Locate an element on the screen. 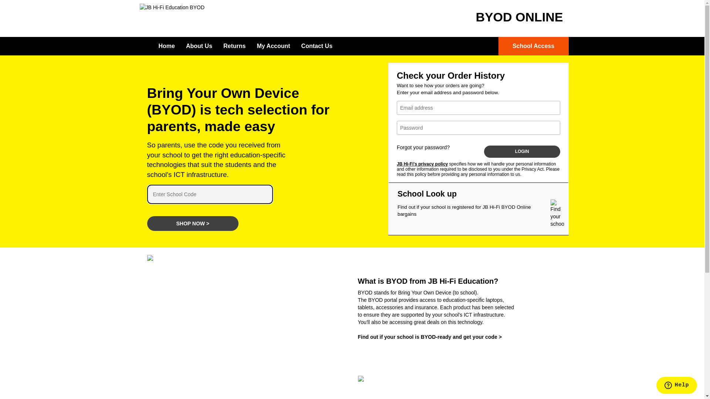 The width and height of the screenshot is (710, 399). 'JB Hi-Fi's privacy policy' is located at coordinates (396, 163).